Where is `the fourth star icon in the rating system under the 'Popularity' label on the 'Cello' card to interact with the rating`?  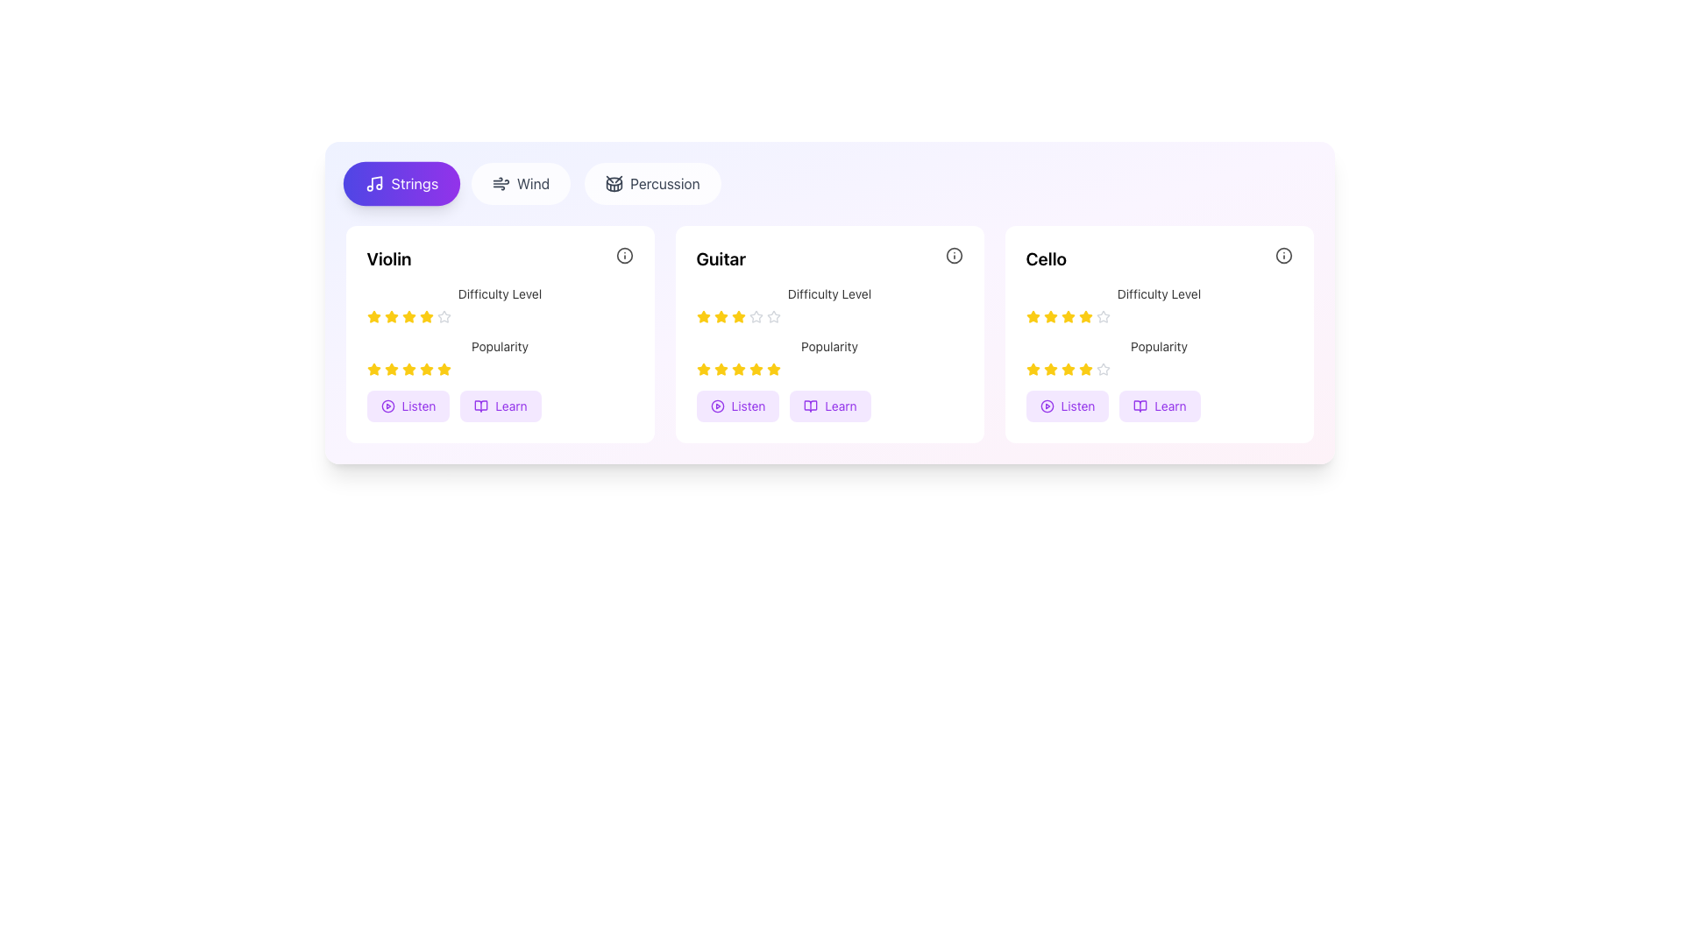 the fourth star icon in the rating system under the 'Popularity' label on the 'Cello' card to interact with the rating is located at coordinates (1067, 368).